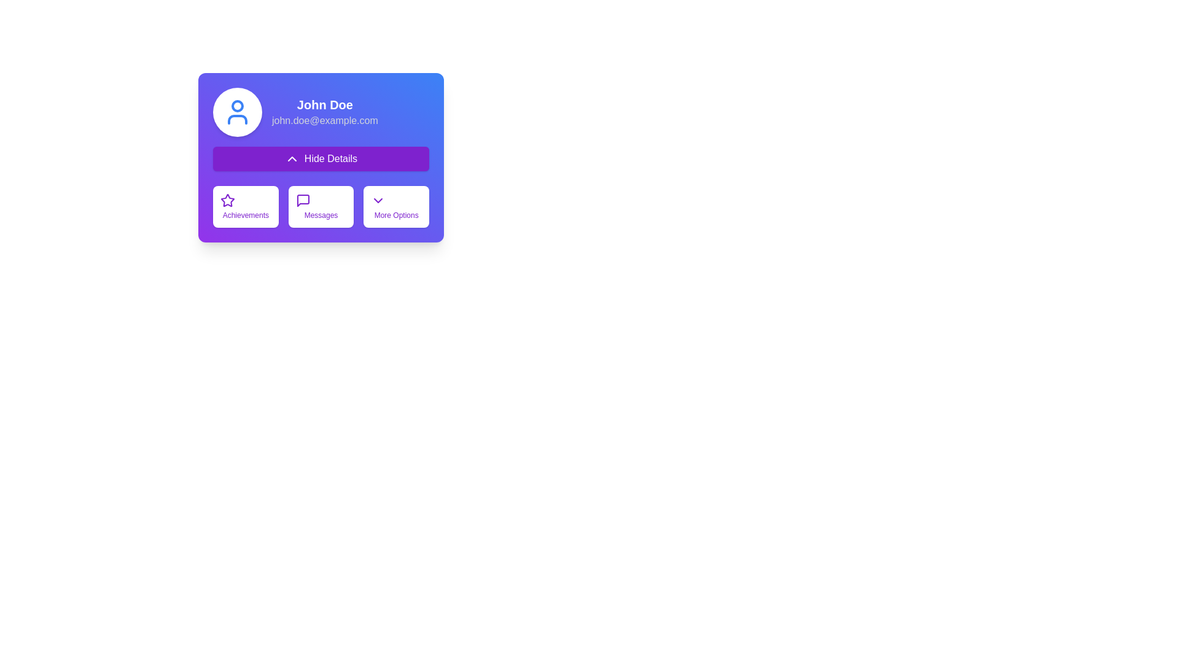 Image resolution: width=1179 pixels, height=663 pixels. I want to click on the 'Messages' button which contains the messaging icon, located centrally in the second row of the card, so click(303, 200).